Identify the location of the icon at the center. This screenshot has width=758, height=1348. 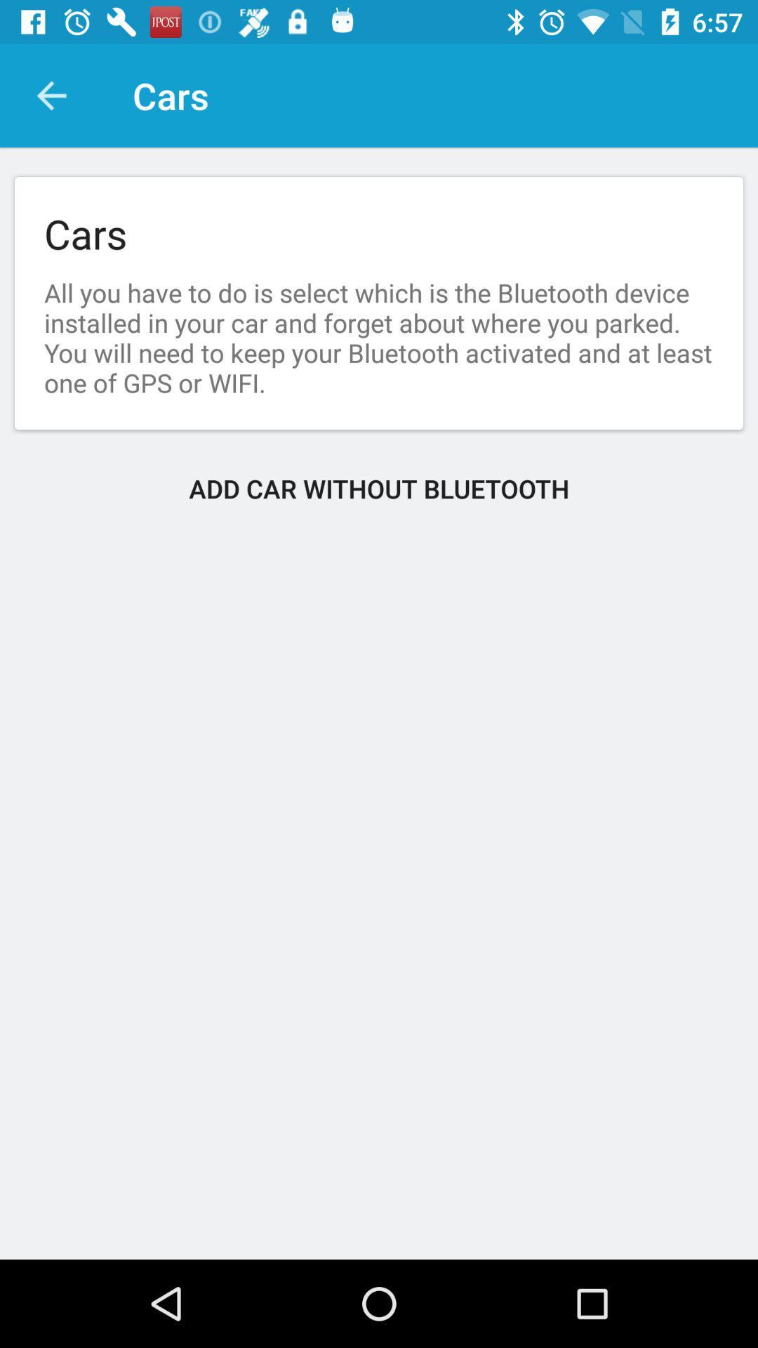
(379, 489).